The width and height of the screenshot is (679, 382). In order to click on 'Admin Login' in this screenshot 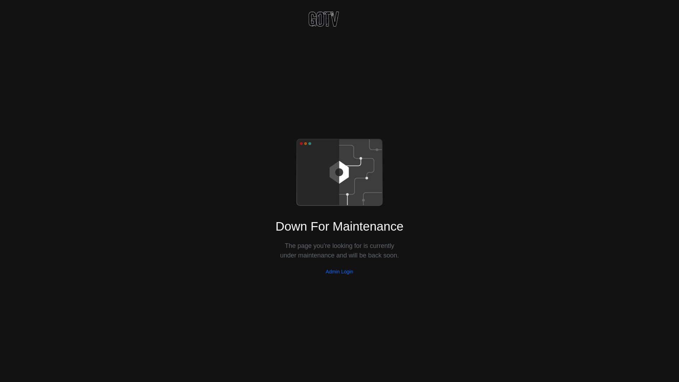, I will do `click(339, 271)`.